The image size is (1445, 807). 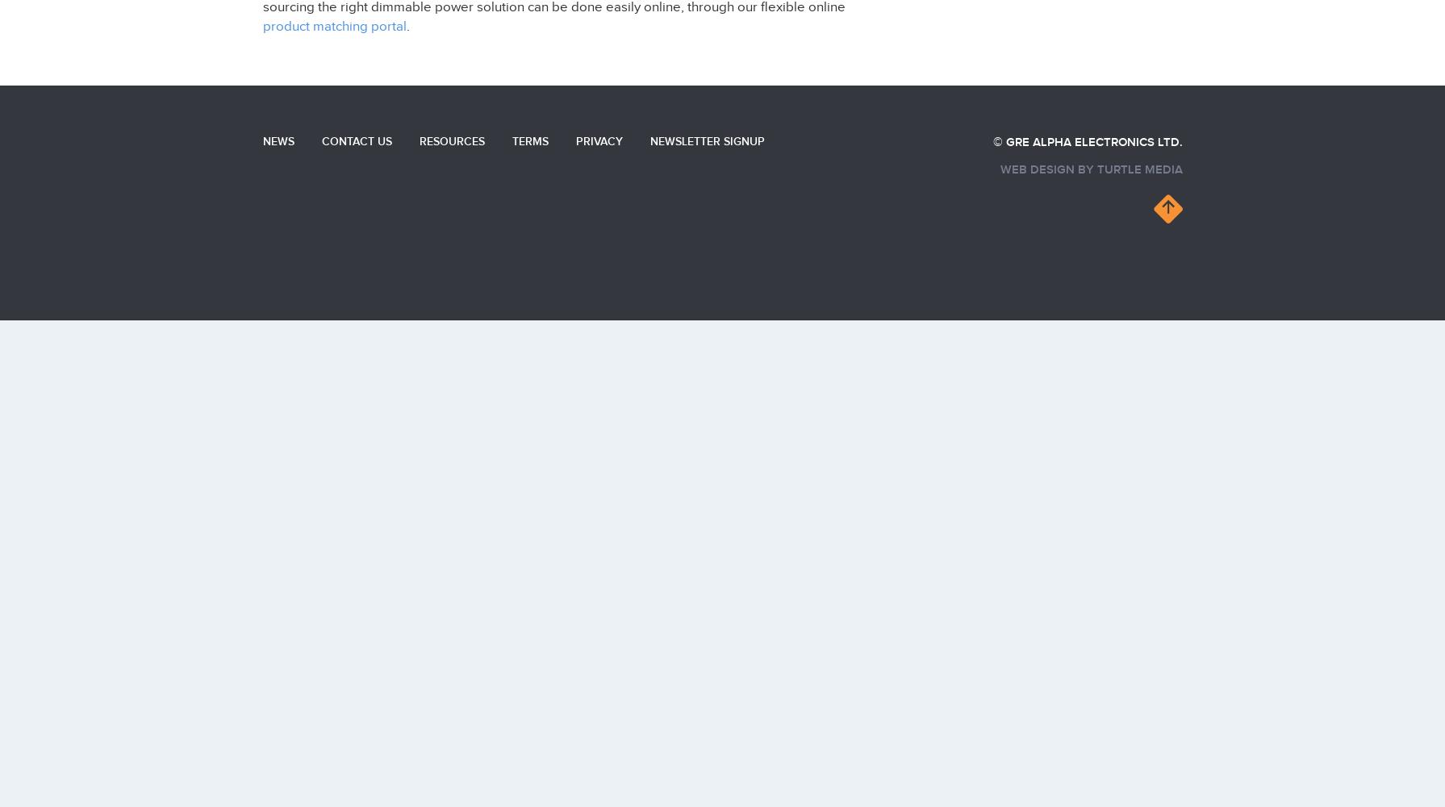 I want to click on 'turtle media', so click(x=1138, y=169).